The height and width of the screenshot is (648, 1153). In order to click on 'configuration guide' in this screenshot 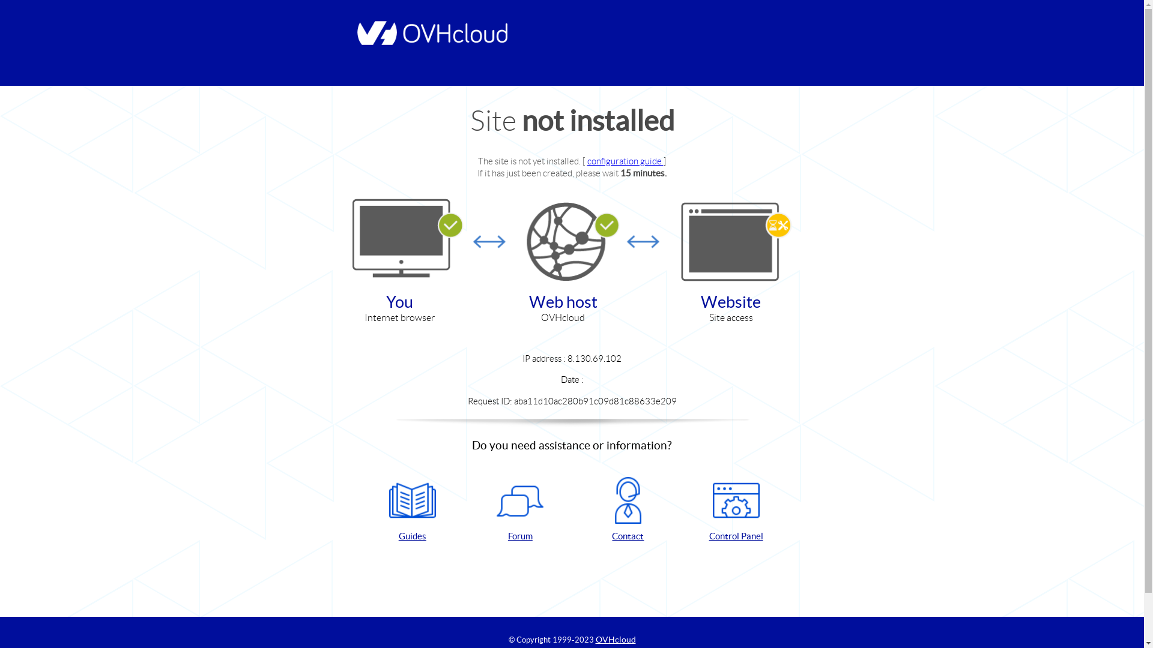, I will do `click(625, 160)`.